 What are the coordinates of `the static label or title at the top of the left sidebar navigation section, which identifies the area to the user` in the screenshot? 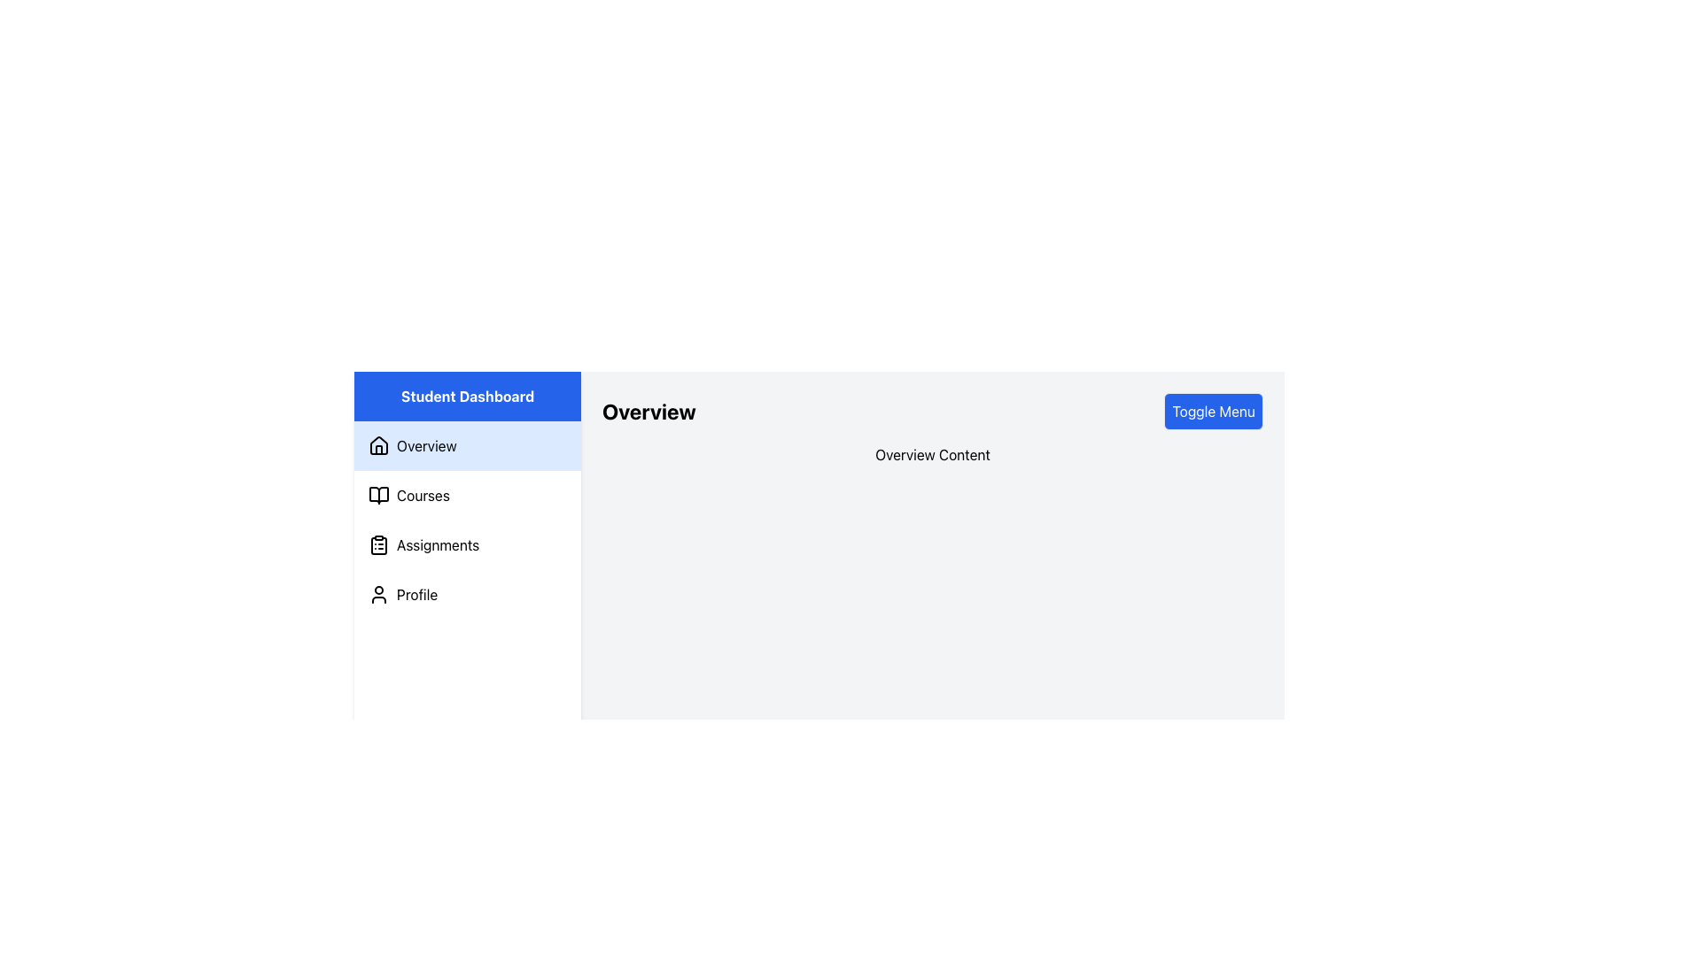 It's located at (468, 395).